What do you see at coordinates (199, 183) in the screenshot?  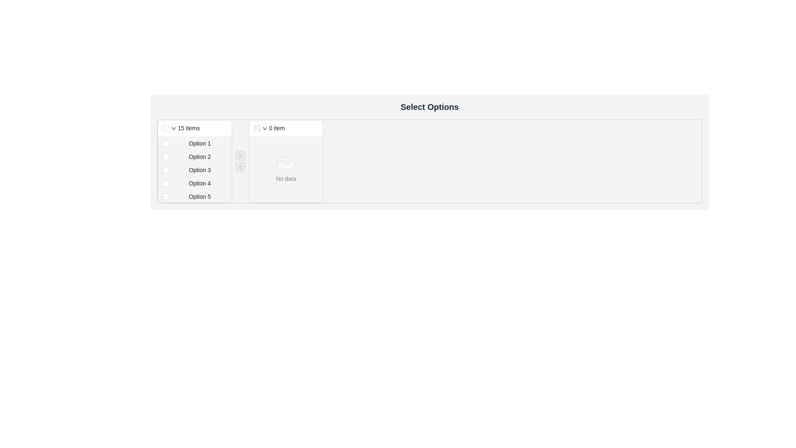 I see `label that identifies the fourth selectable option in the list, located in the left section of a dual-pane interface` at bounding box center [199, 183].